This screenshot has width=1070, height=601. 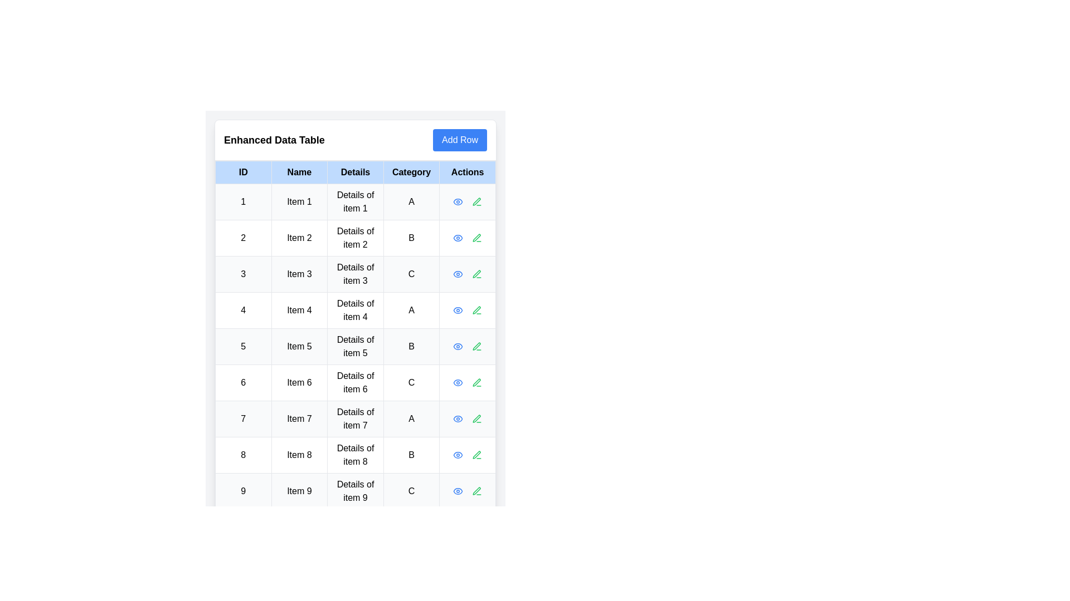 What do you see at coordinates (476, 455) in the screenshot?
I see `the editing icon located in the 'Actions' column of the table for 'Item 8' to initiate an editing operation` at bounding box center [476, 455].